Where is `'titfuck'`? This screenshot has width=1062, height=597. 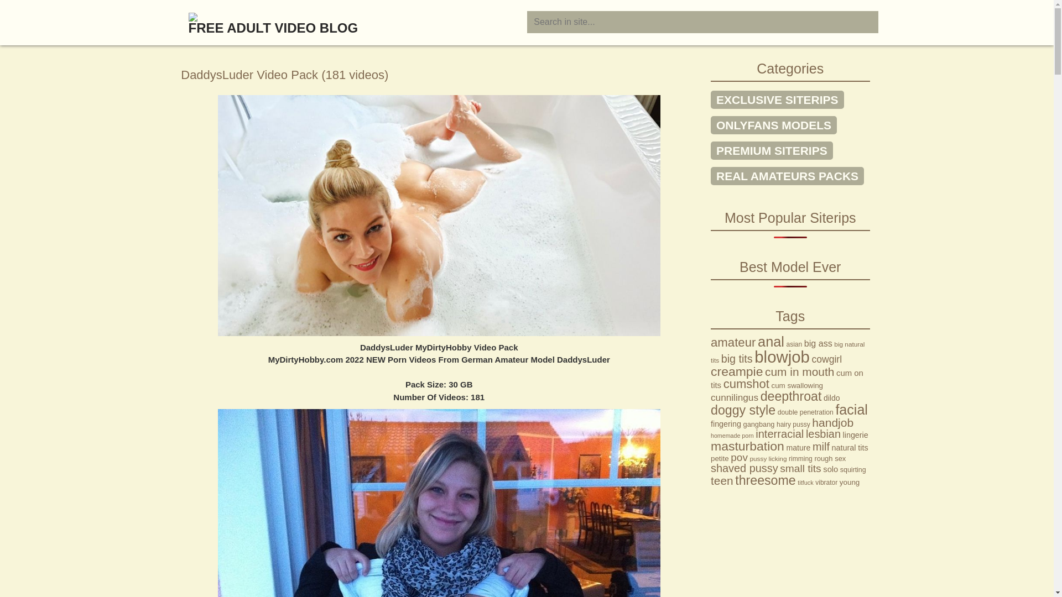 'titfuck' is located at coordinates (797, 481).